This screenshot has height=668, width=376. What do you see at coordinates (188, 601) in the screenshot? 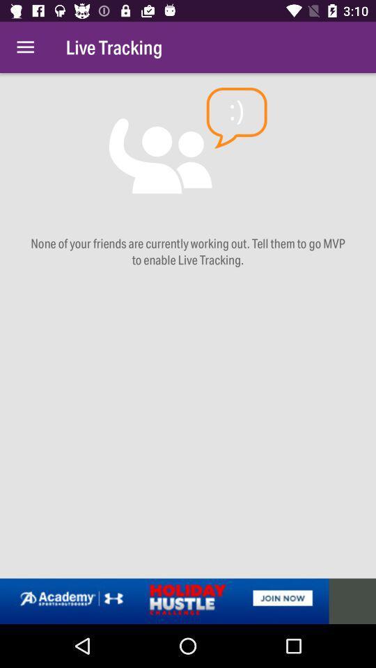
I see `advertisement` at bounding box center [188, 601].